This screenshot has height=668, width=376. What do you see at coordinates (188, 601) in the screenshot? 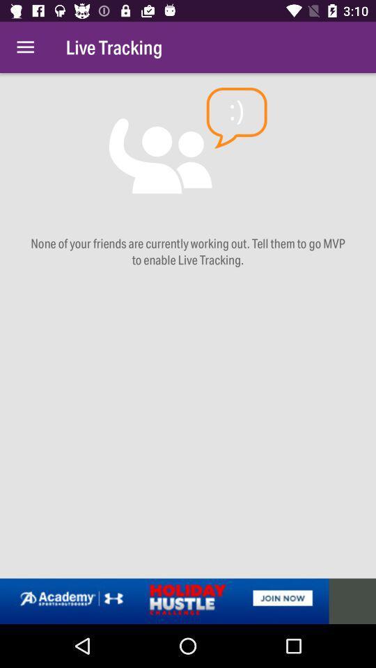
I see `advertisement` at bounding box center [188, 601].